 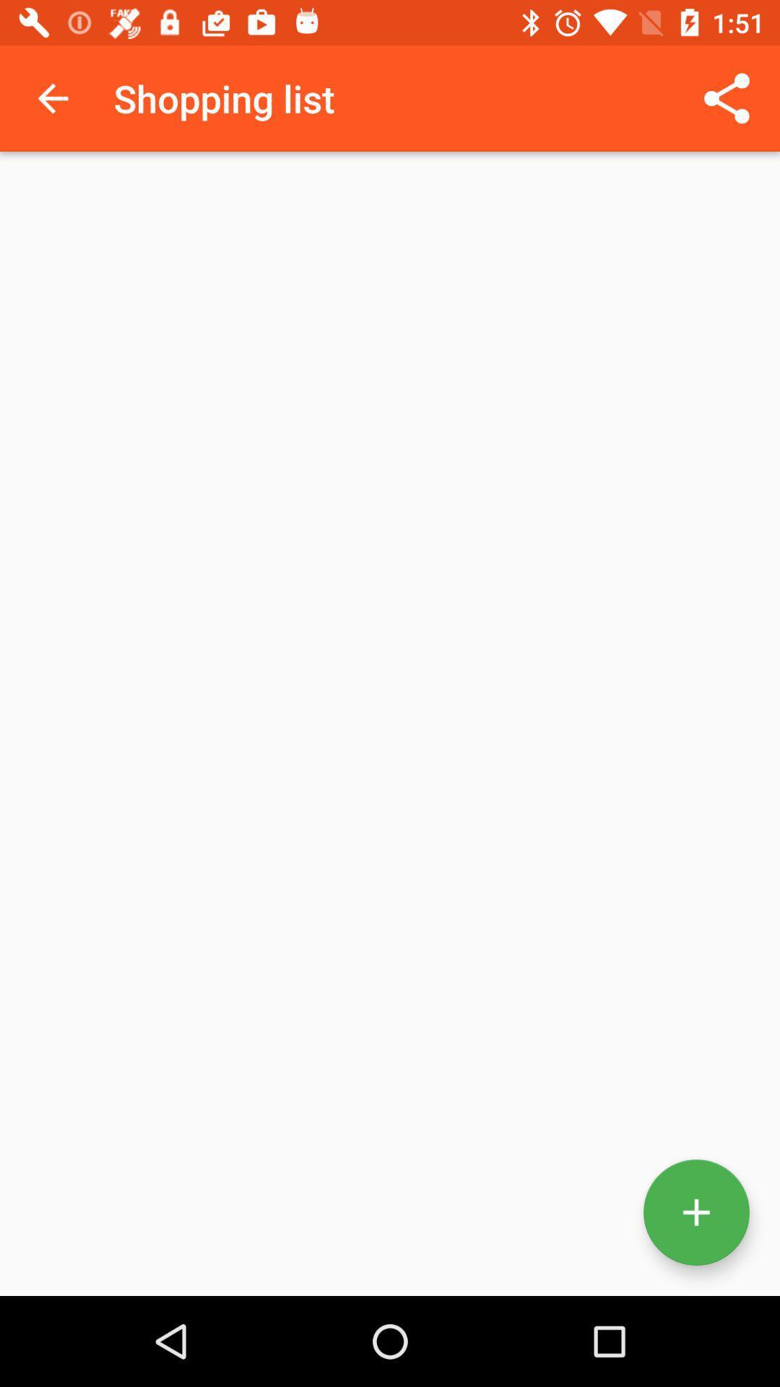 What do you see at coordinates (695, 1212) in the screenshot?
I see `more information` at bounding box center [695, 1212].